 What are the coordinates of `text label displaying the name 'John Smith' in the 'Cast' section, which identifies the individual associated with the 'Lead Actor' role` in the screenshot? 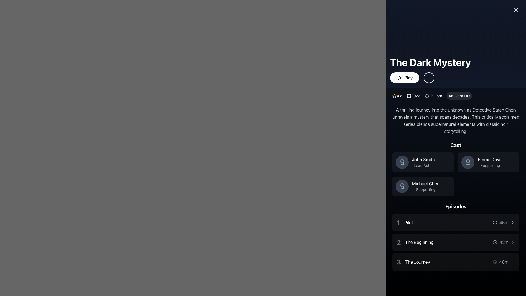 It's located at (423, 160).